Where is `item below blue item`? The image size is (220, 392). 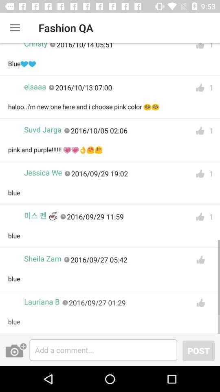 item below blue item is located at coordinates (40, 215).